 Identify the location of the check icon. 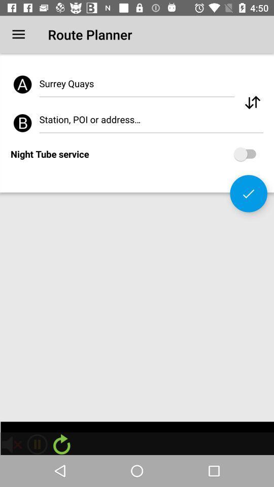
(248, 193).